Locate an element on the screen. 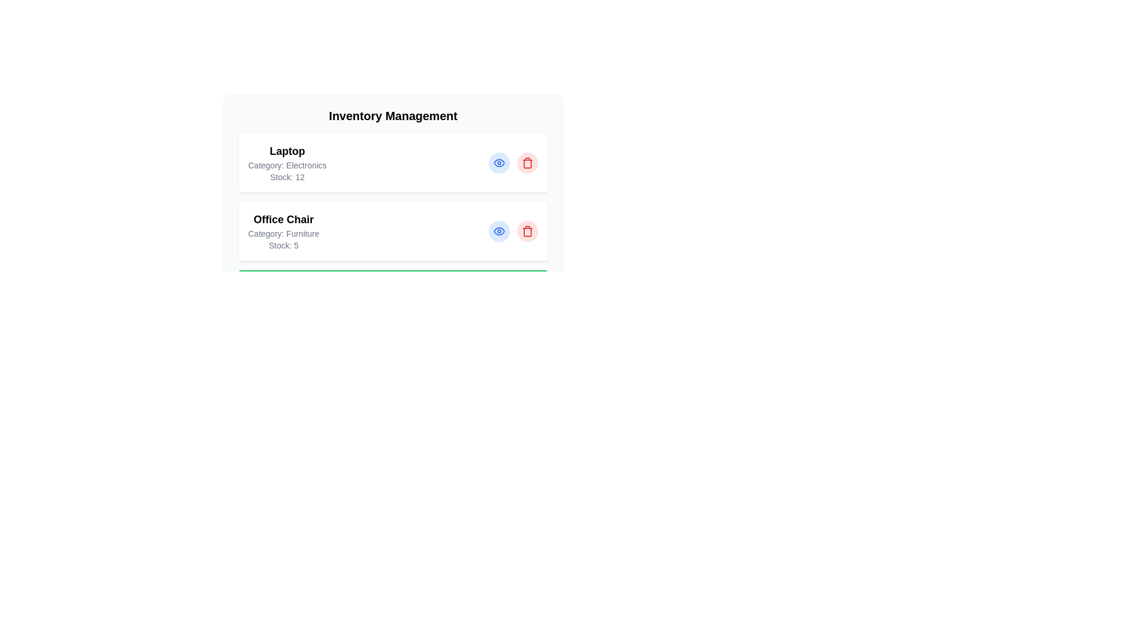 Image resolution: width=1132 pixels, height=636 pixels. the text Inventory Management within the component is located at coordinates (393, 115).